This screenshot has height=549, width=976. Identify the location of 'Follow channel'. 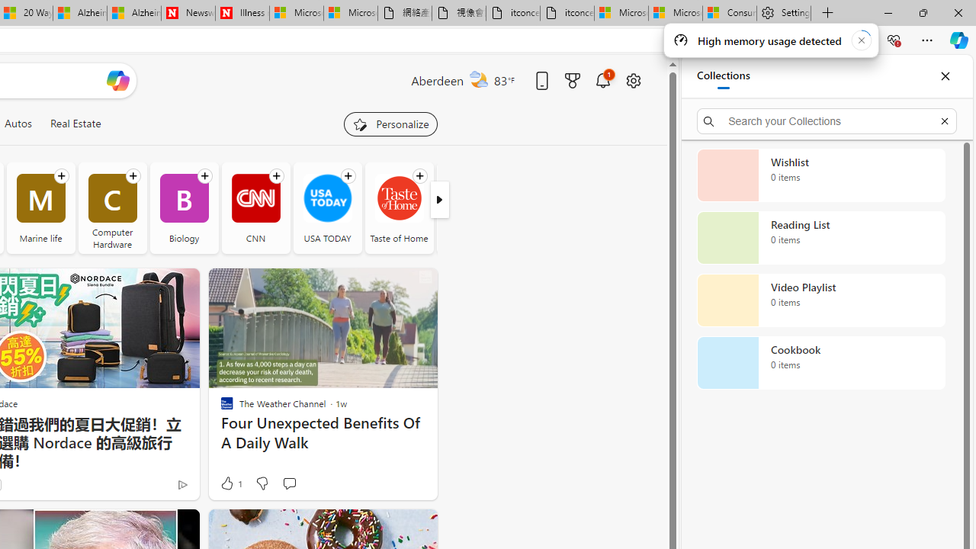
(419, 175).